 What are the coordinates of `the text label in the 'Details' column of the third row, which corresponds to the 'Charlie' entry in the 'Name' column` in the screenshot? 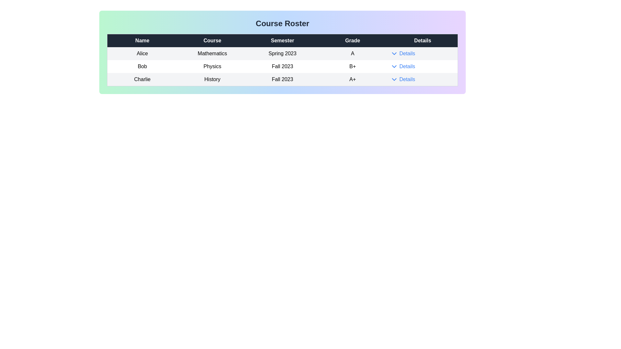 It's located at (407, 79).